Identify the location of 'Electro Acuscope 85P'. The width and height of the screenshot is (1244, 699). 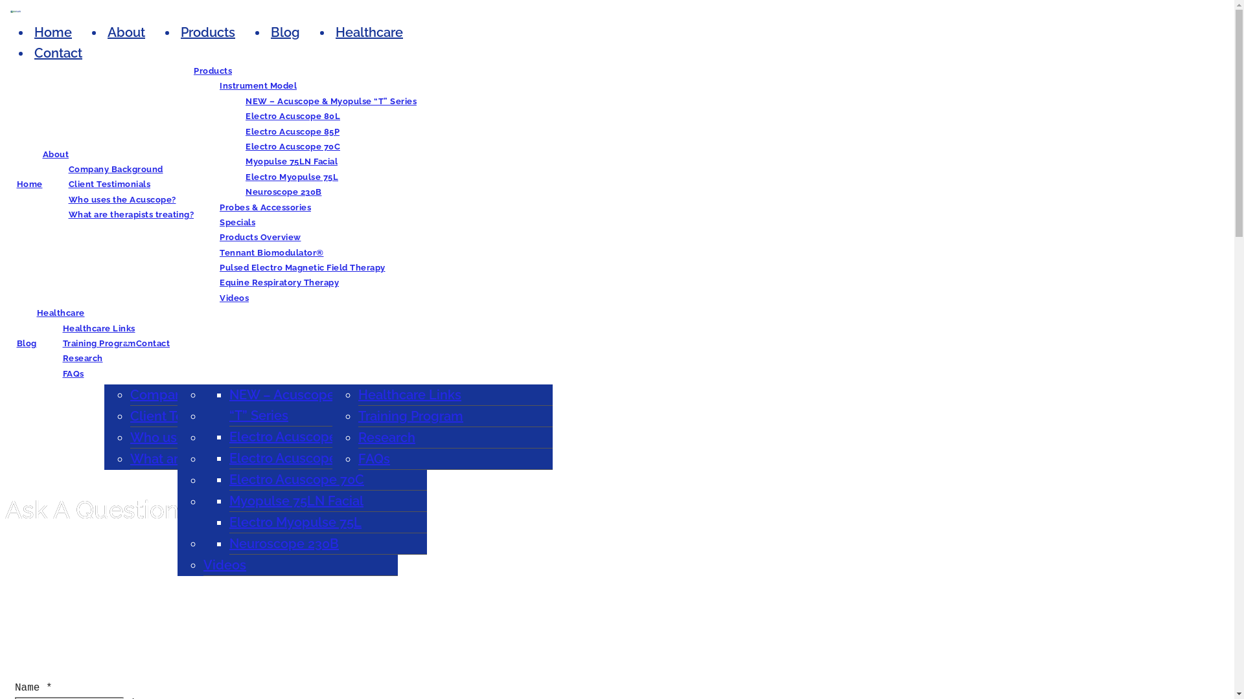
(292, 131).